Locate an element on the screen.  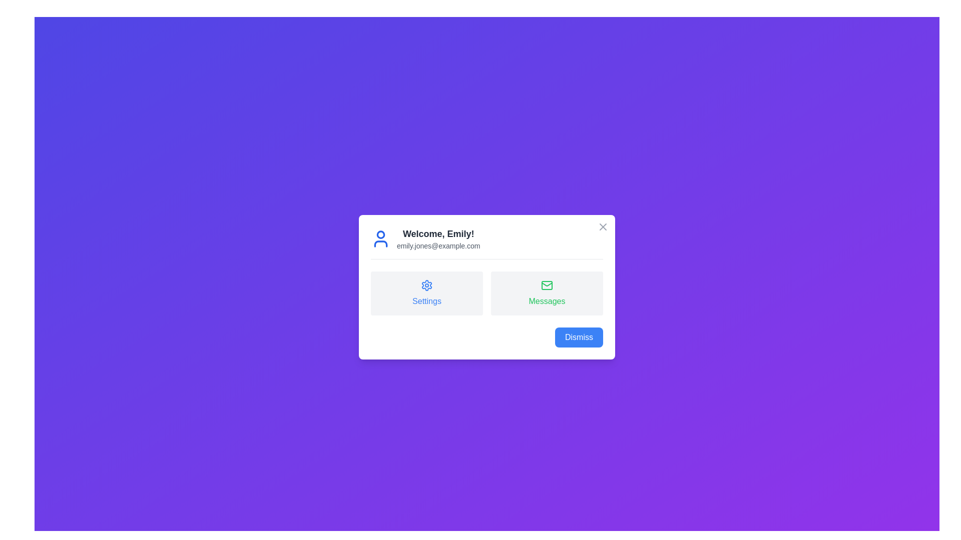
the header text 'Welcome, Emily!' which is styled with bold and larger font, located at the top of the modal card above the email address is located at coordinates (438, 233).